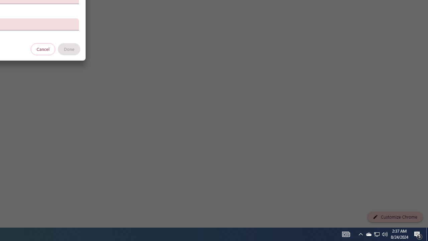 This screenshot has width=428, height=241. Describe the element at coordinates (43, 49) in the screenshot. I see `'Cancel'` at that location.